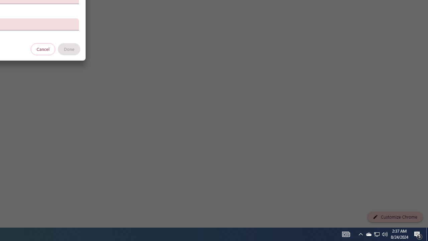 This screenshot has width=428, height=241. Describe the element at coordinates (43, 49) in the screenshot. I see `'Cancel'` at that location.